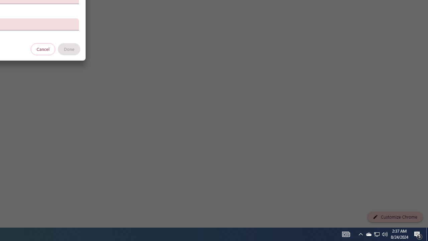 This screenshot has width=428, height=241. Describe the element at coordinates (43, 49) in the screenshot. I see `'Cancel'` at that location.